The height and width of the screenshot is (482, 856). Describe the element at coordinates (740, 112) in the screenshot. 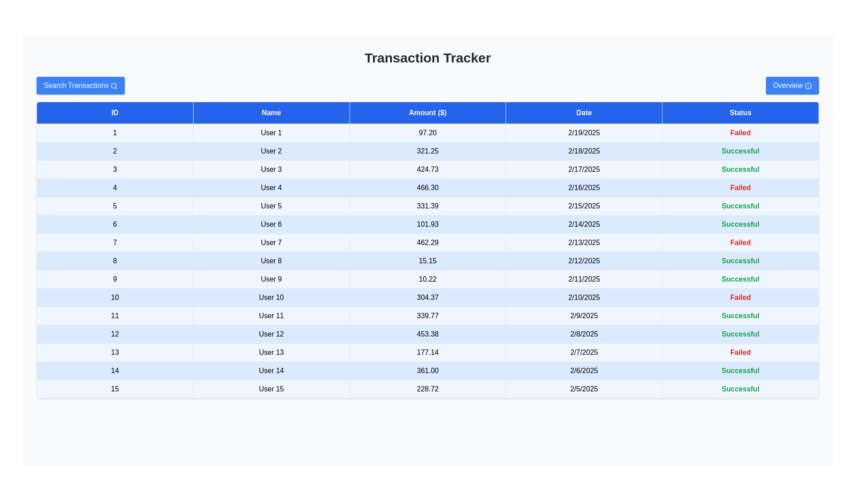

I see `the 'Status' column to emphasize failed or successful transactions` at that location.